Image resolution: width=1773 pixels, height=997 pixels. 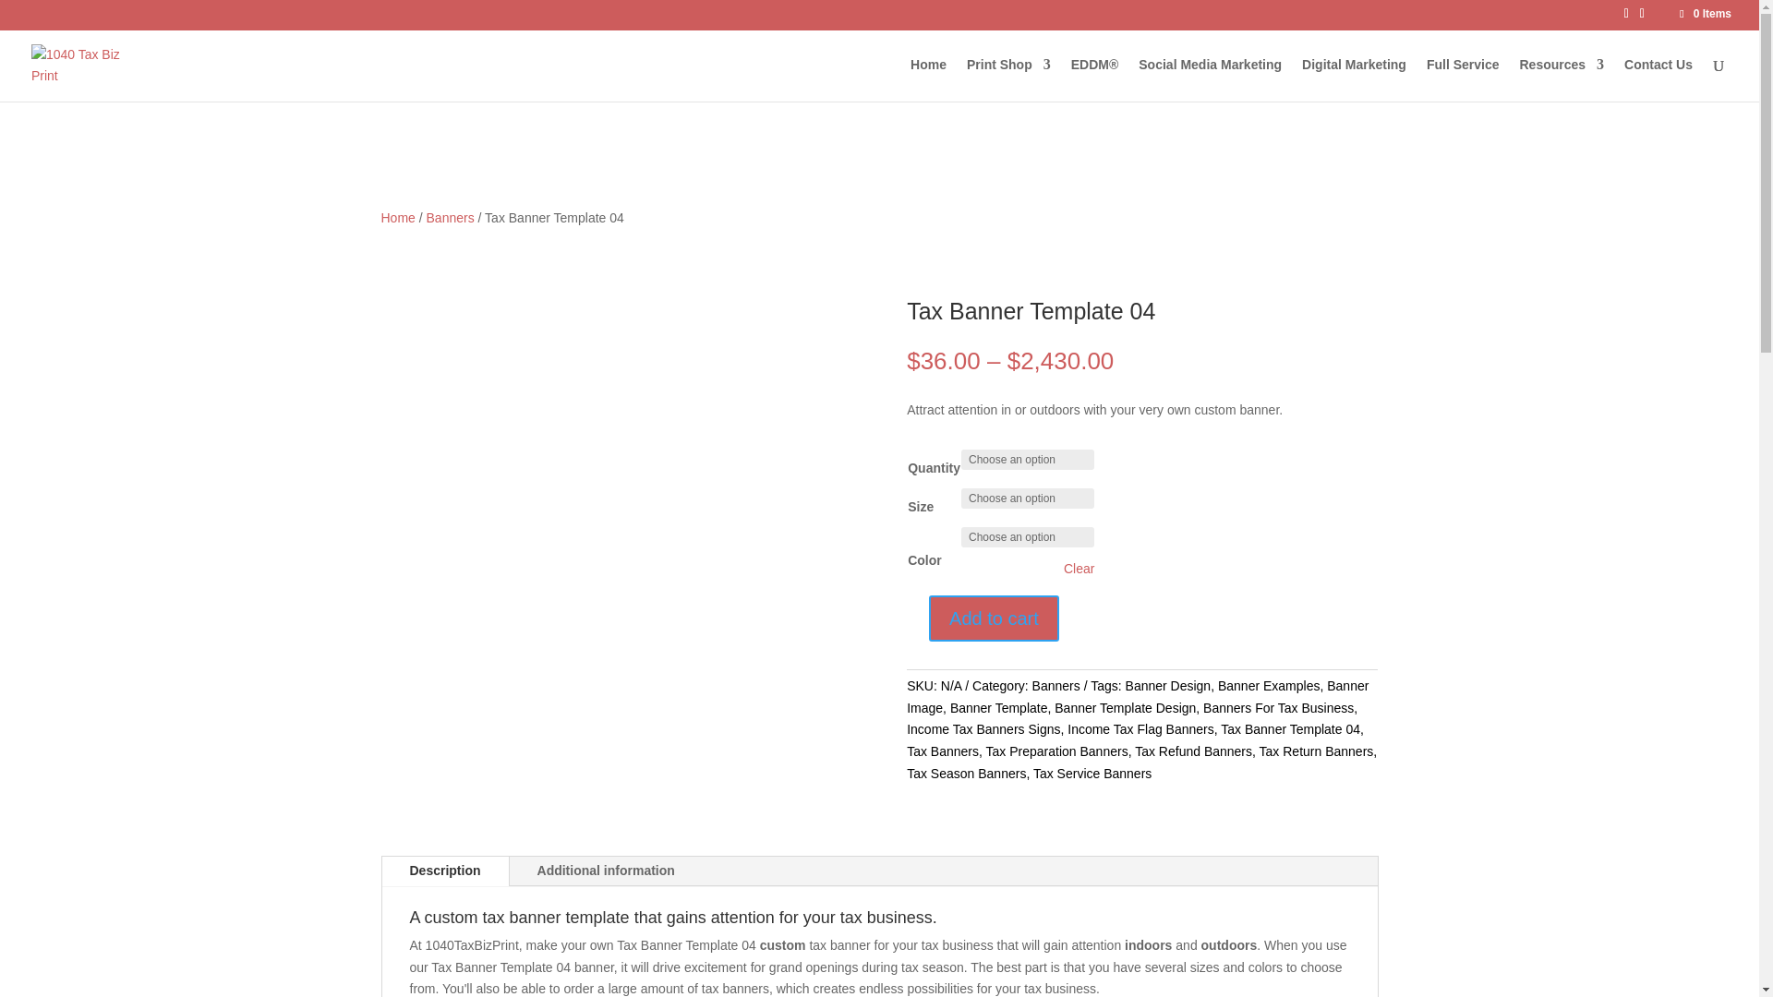 I want to click on 'Income Tax Banners Signs', so click(x=983, y=728).